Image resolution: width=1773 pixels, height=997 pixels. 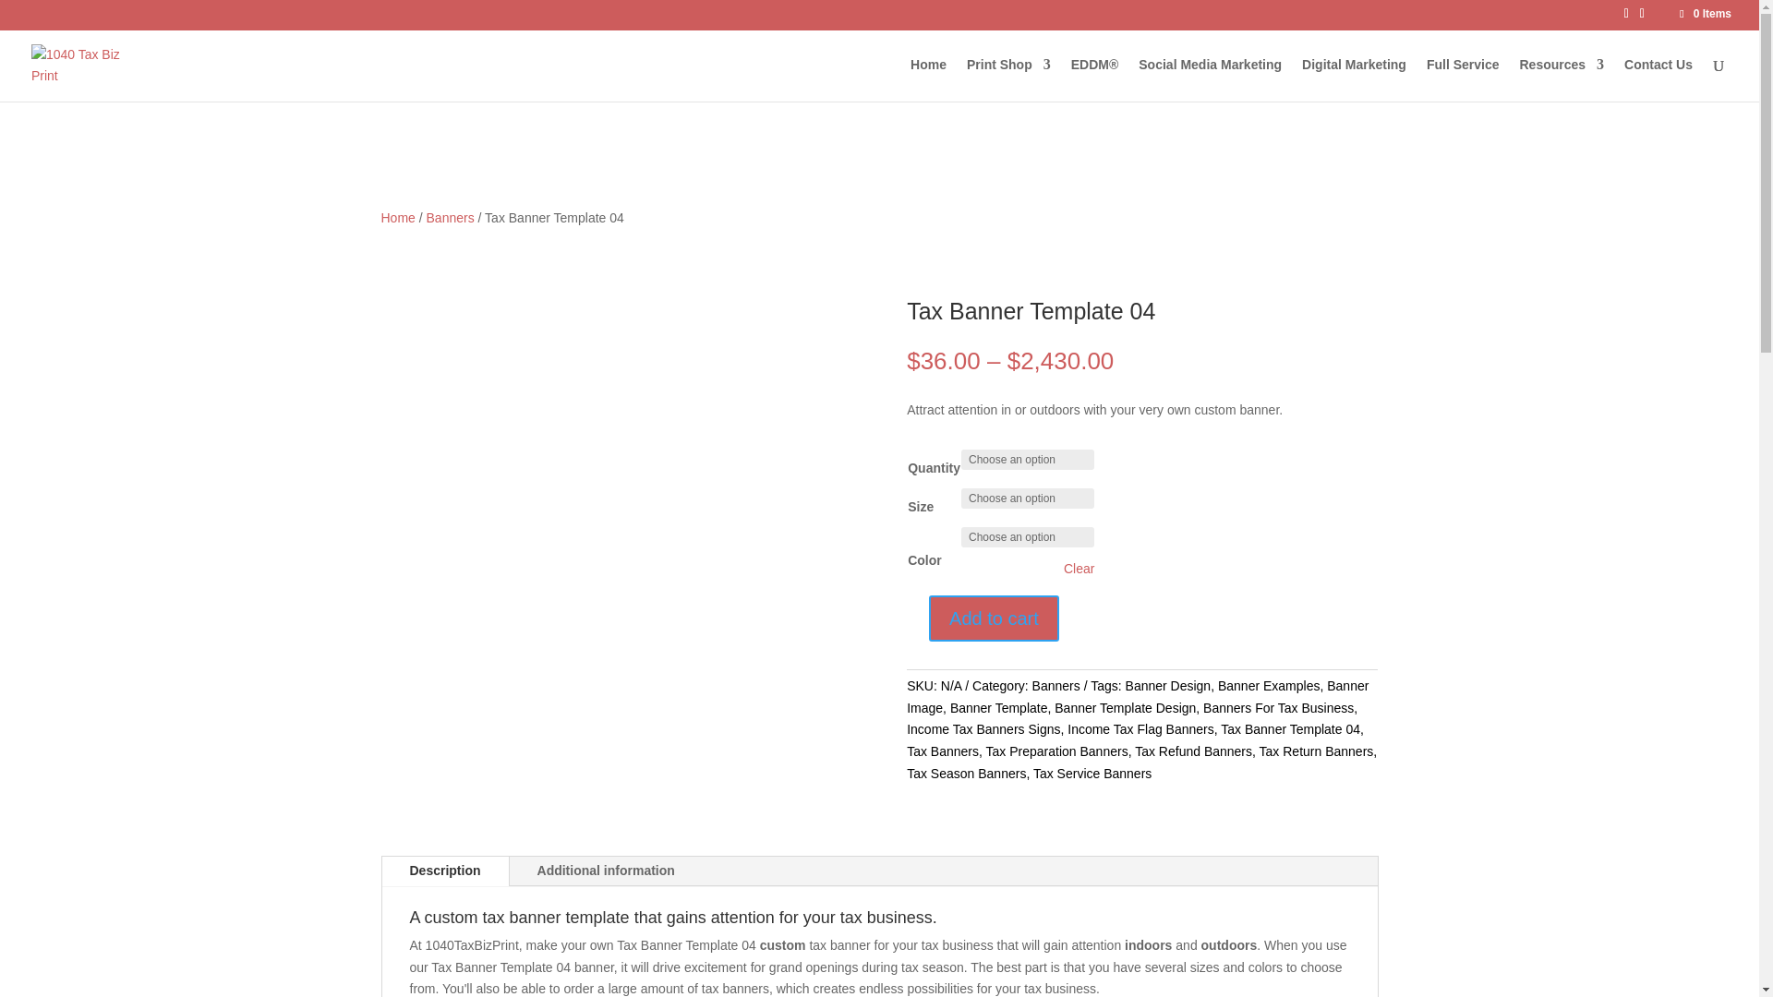 I want to click on 'Income Tax Banners Signs', so click(x=983, y=728).